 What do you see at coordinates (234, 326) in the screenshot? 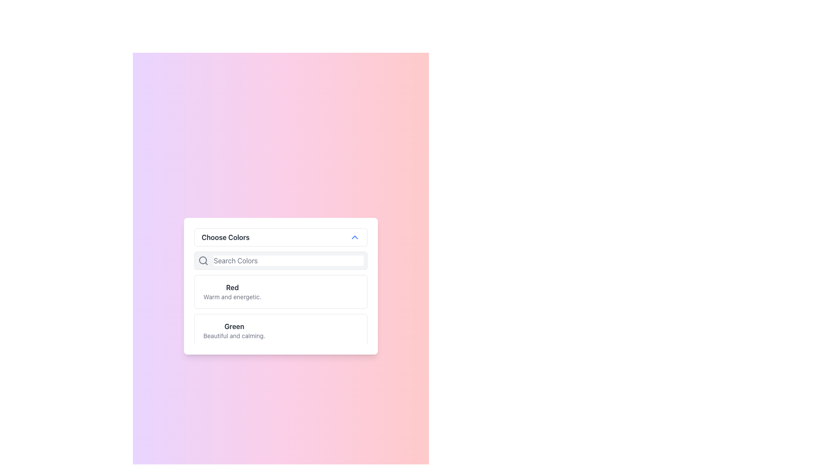
I see `the bold text 'Green' in dark gray color` at bounding box center [234, 326].